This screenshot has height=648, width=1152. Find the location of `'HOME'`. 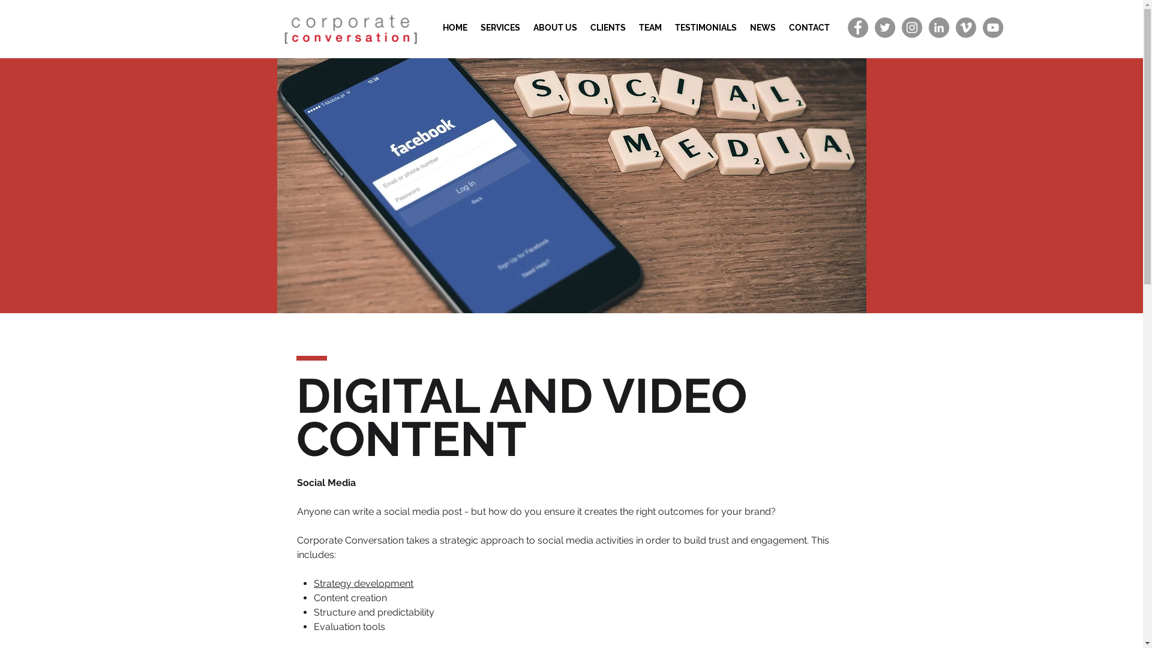

'HOME' is located at coordinates (454, 27).